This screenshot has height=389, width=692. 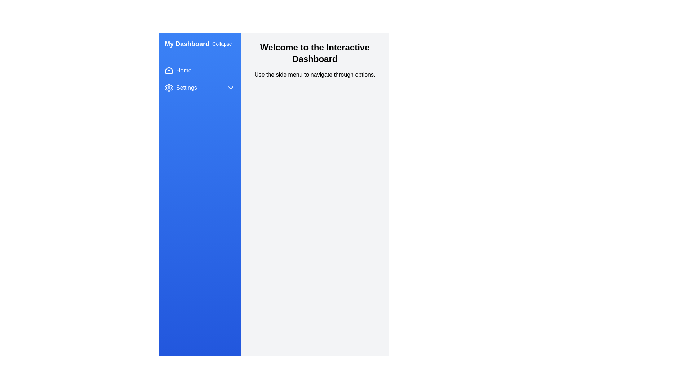 I want to click on the cog-shaped icon with a blue outline next to the 'Settings' label, so click(x=169, y=87).